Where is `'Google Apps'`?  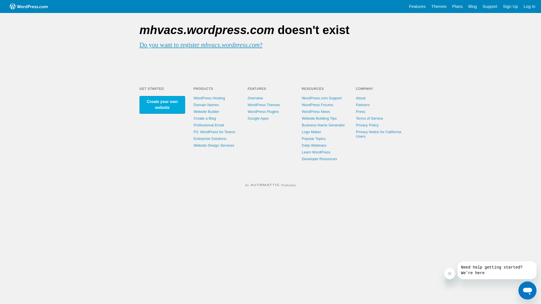
'Google Apps' is located at coordinates (258, 118).